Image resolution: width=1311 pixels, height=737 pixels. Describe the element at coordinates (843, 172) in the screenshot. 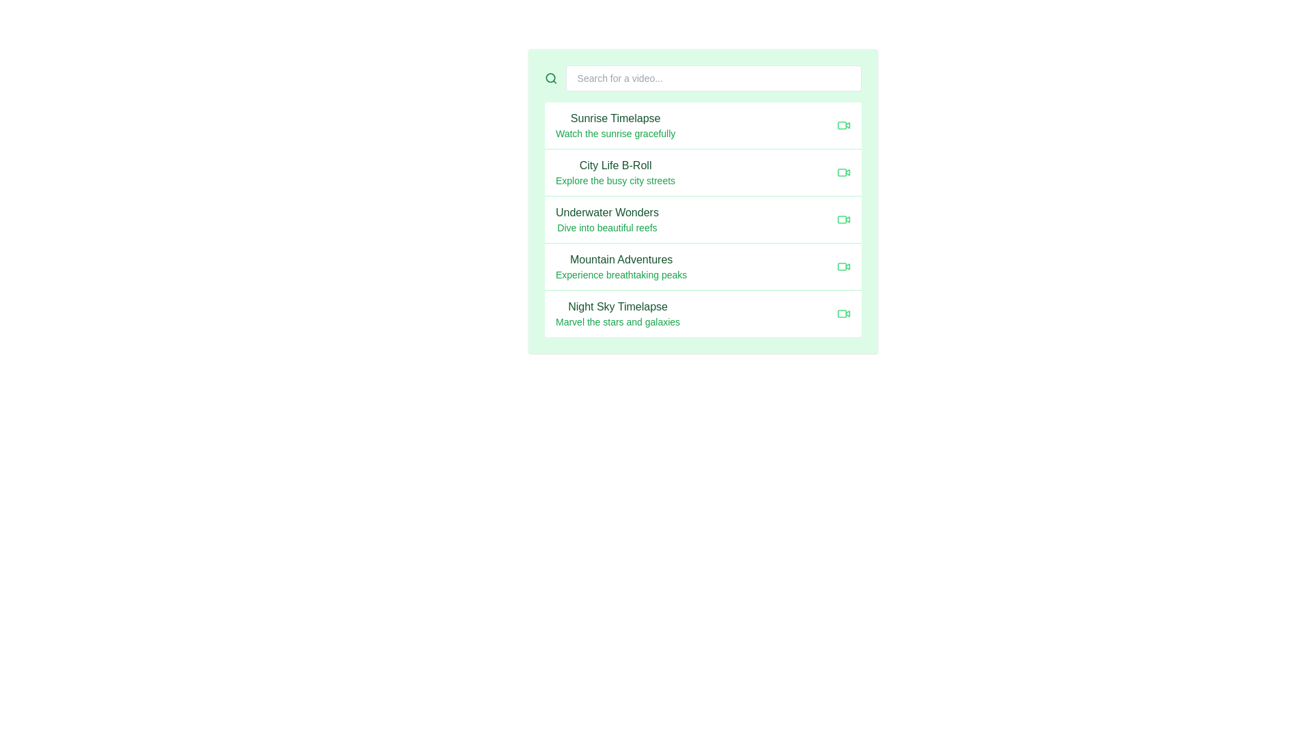

I see `the compact green video camera icon located to the right of the text 'City Life B-Roll'` at that location.